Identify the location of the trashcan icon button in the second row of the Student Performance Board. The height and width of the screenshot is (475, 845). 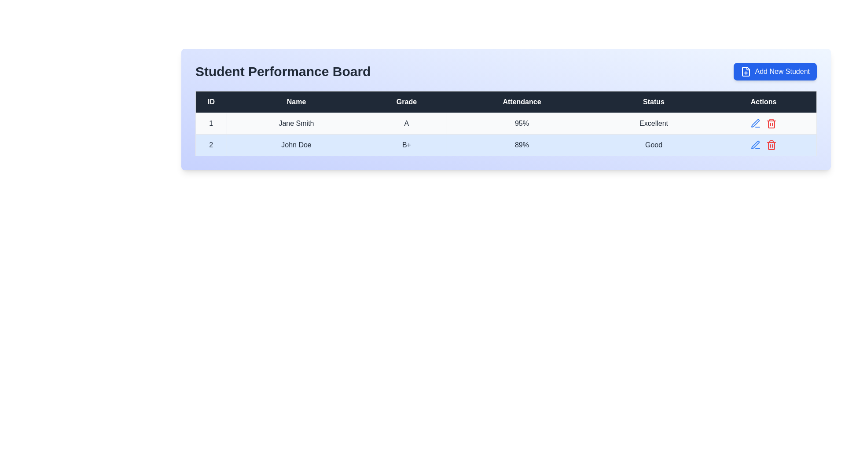
(771, 145).